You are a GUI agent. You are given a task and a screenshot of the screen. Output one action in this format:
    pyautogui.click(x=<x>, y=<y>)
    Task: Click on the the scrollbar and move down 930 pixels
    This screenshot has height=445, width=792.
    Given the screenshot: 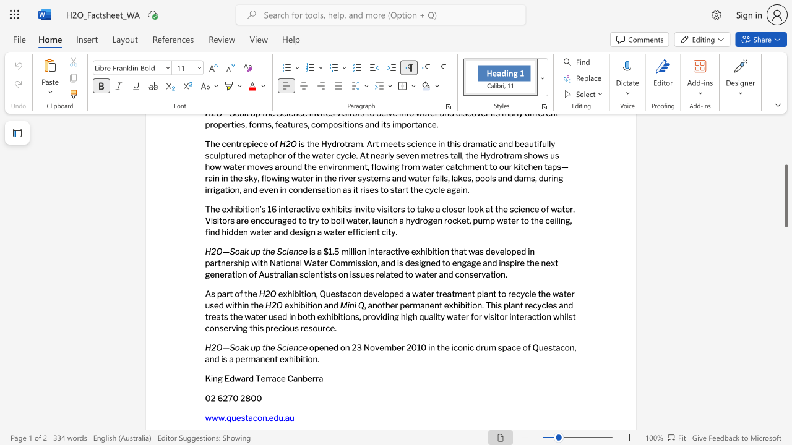 What is the action you would take?
    pyautogui.click(x=785, y=195)
    